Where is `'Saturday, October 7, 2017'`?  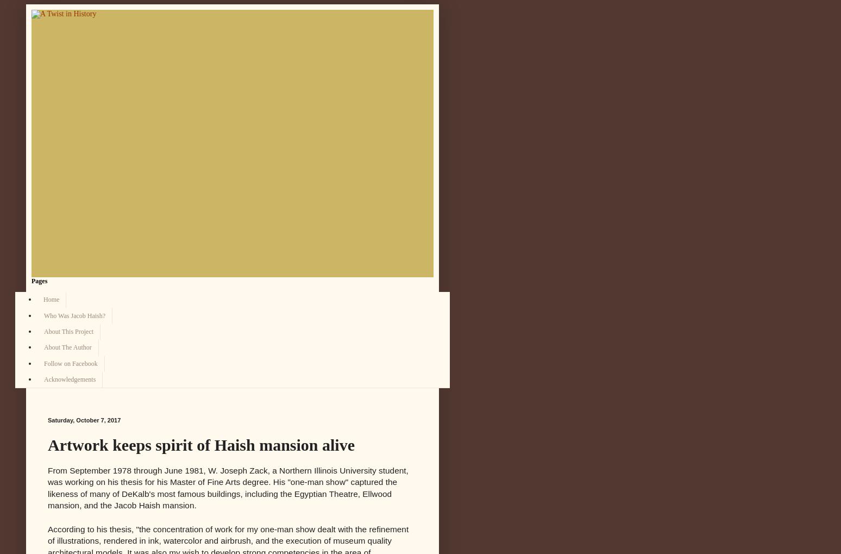
'Saturday, October 7, 2017' is located at coordinates (84, 420).